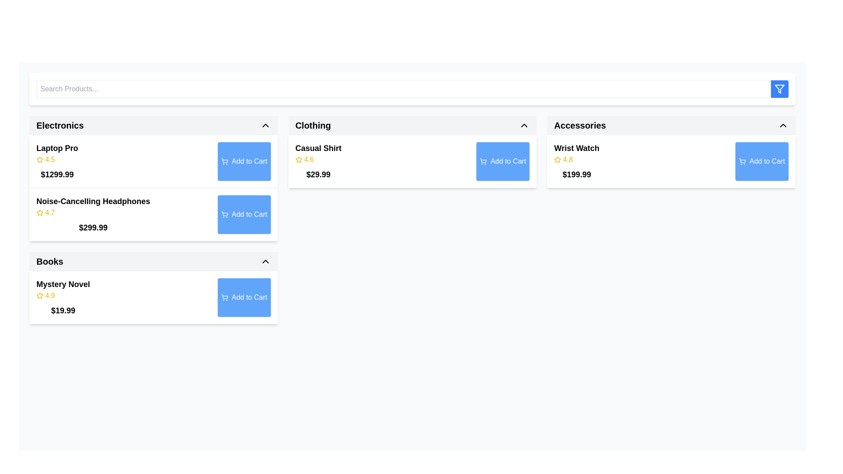  What do you see at coordinates (671, 162) in the screenshot?
I see `the product details by reading the contents of the Card component located in the Accessories section, positioned under the Accessories title` at bounding box center [671, 162].